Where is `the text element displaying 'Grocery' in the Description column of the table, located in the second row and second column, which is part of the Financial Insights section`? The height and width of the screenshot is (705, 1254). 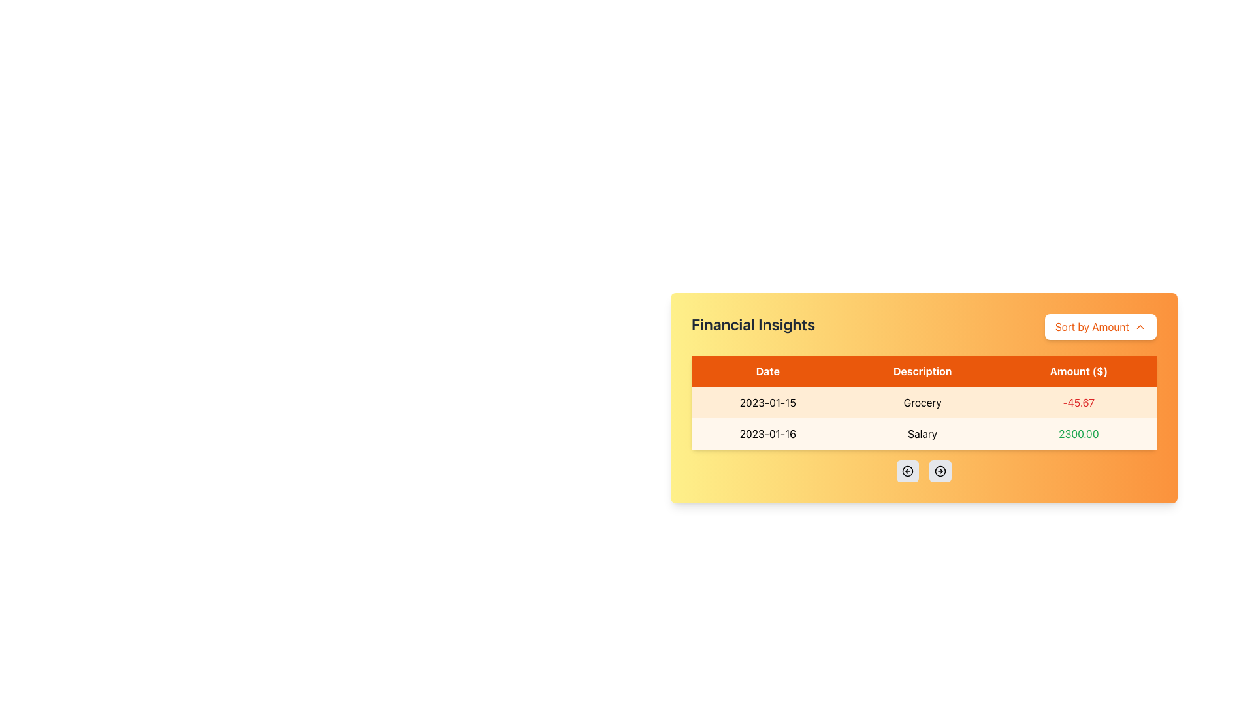 the text element displaying 'Grocery' in the Description column of the table, located in the second row and second column, which is part of the Financial Insights section is located at coordinates (924, 397).